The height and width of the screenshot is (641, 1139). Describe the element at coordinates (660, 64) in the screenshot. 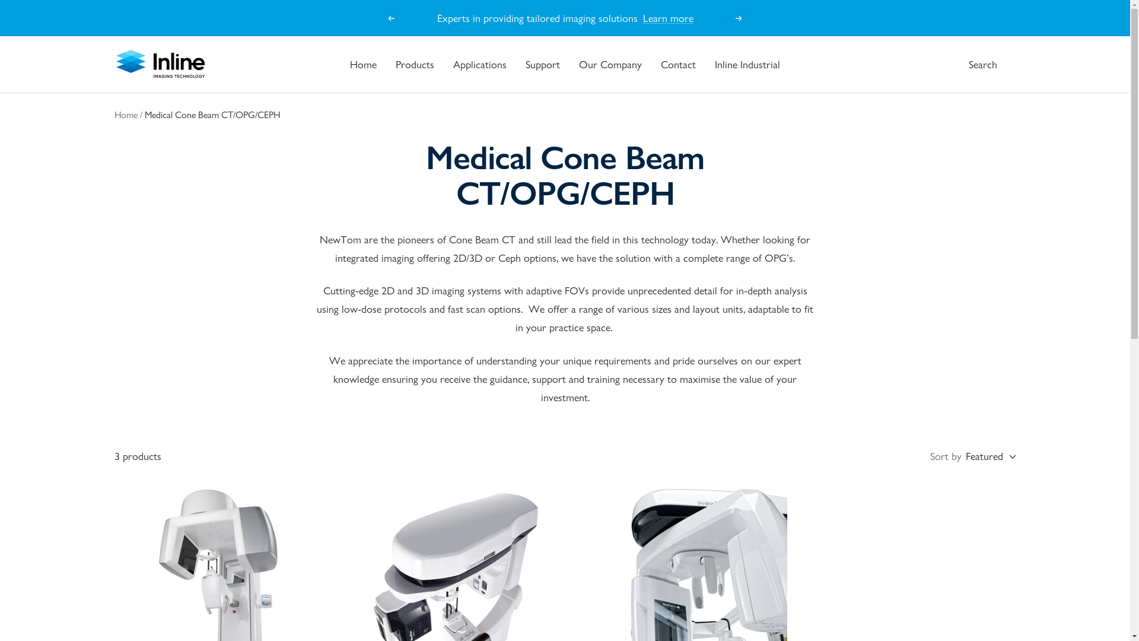

I see `'Contact'` at that location.